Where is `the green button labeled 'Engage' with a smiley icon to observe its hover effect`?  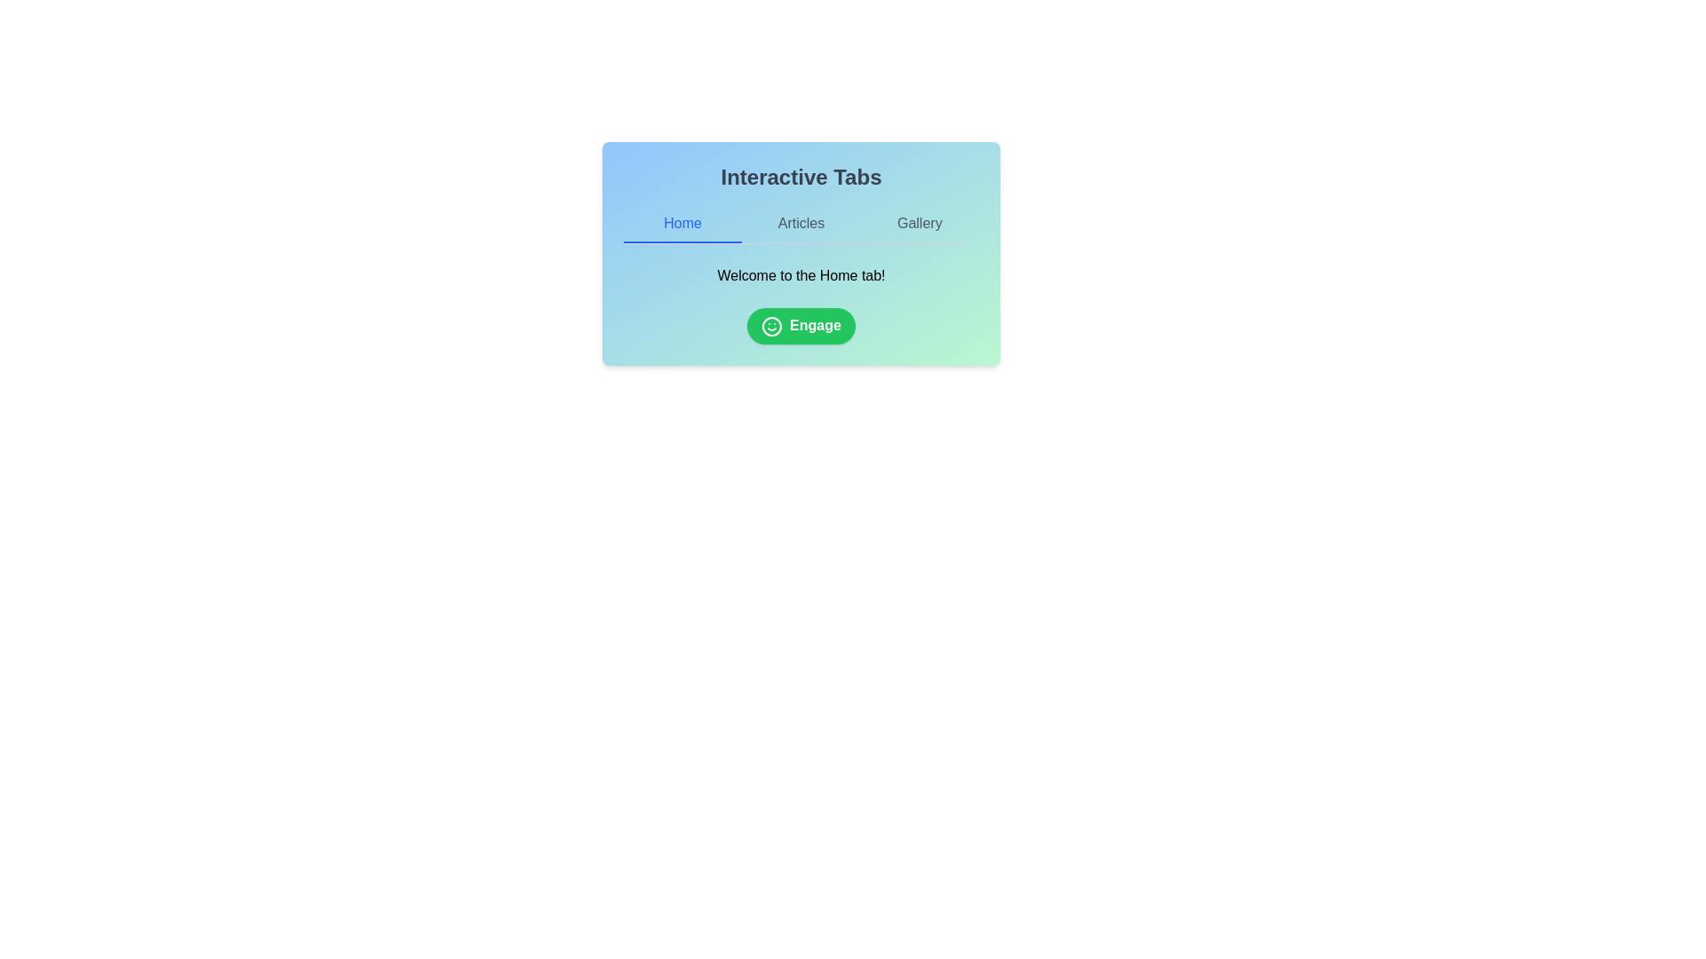 the green button labeled 'Engage' with a smiley icon to observe its hover effect is located at coordinates (801, 325).